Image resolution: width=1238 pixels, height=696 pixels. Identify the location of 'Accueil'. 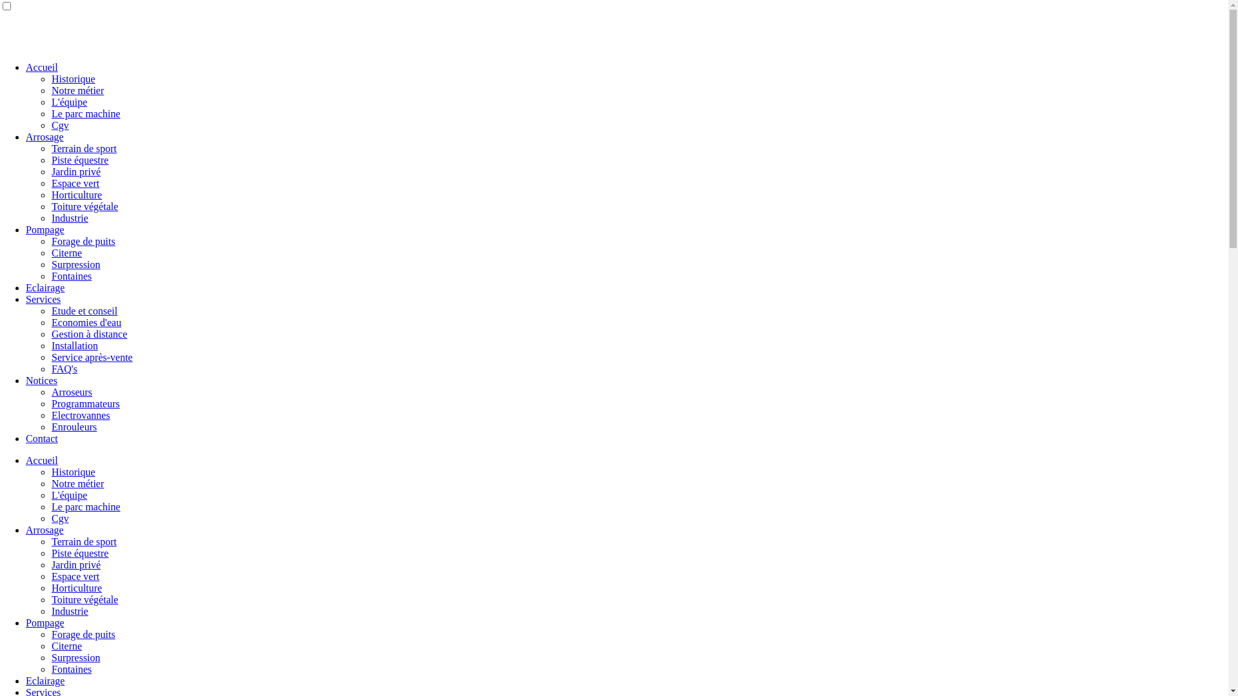
(42, 459).